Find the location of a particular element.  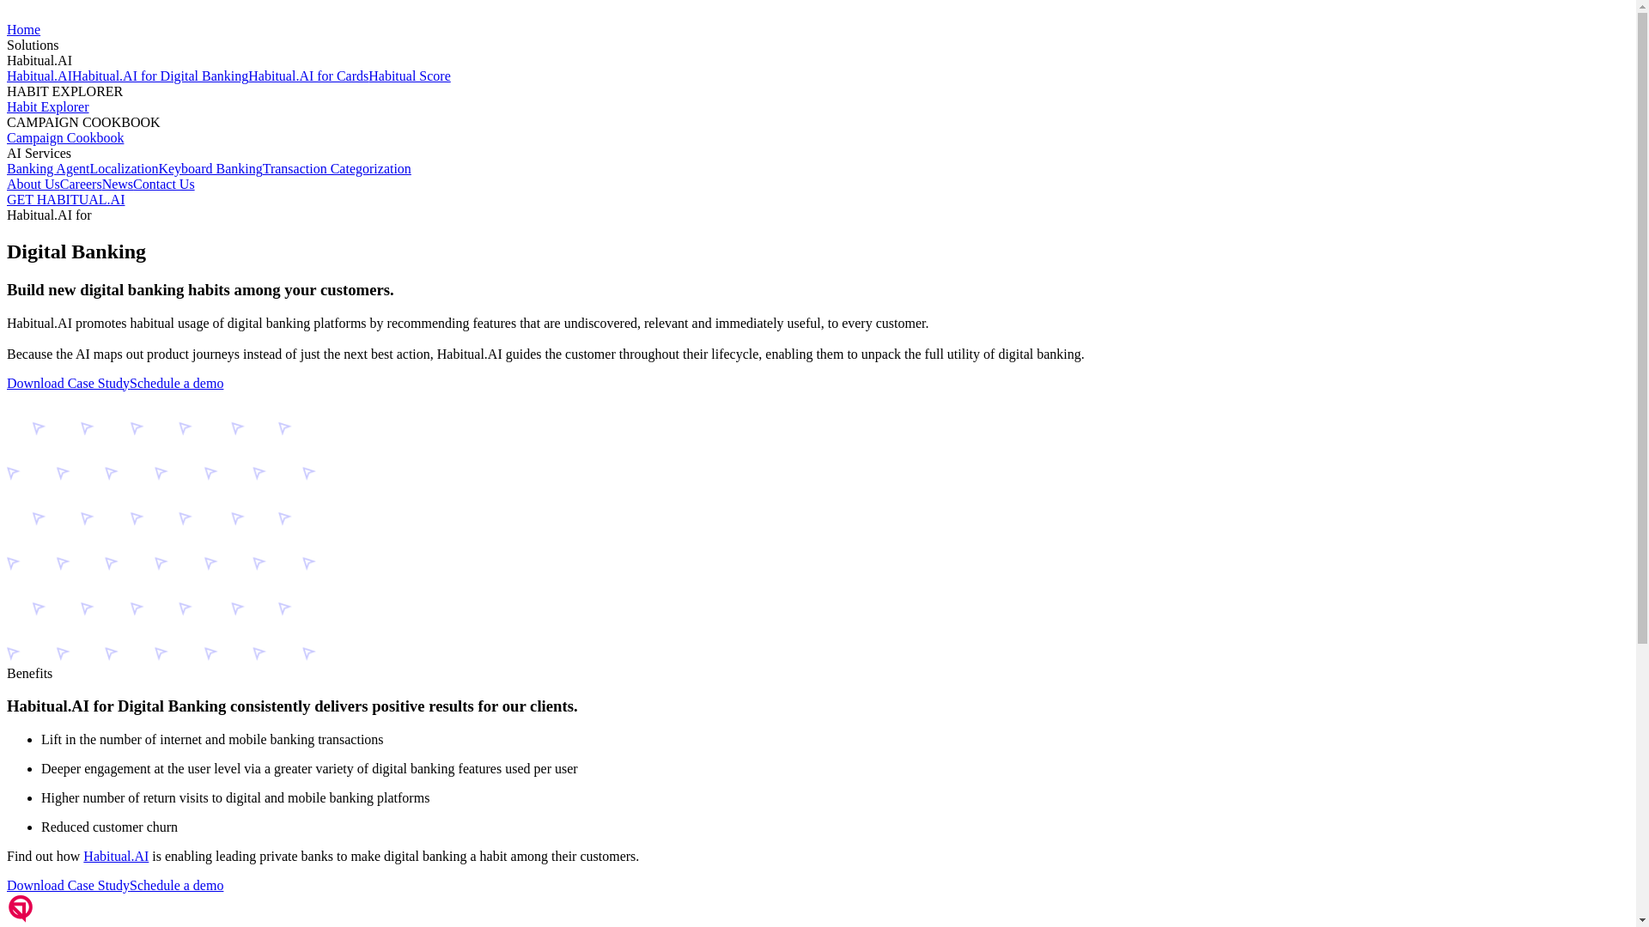

'Banking Agent' is located at coordinates (48, 168).